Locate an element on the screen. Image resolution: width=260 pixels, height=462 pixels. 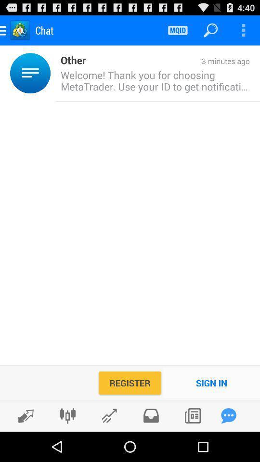
item below the welcome thank you is located at coordinates (211, 383).